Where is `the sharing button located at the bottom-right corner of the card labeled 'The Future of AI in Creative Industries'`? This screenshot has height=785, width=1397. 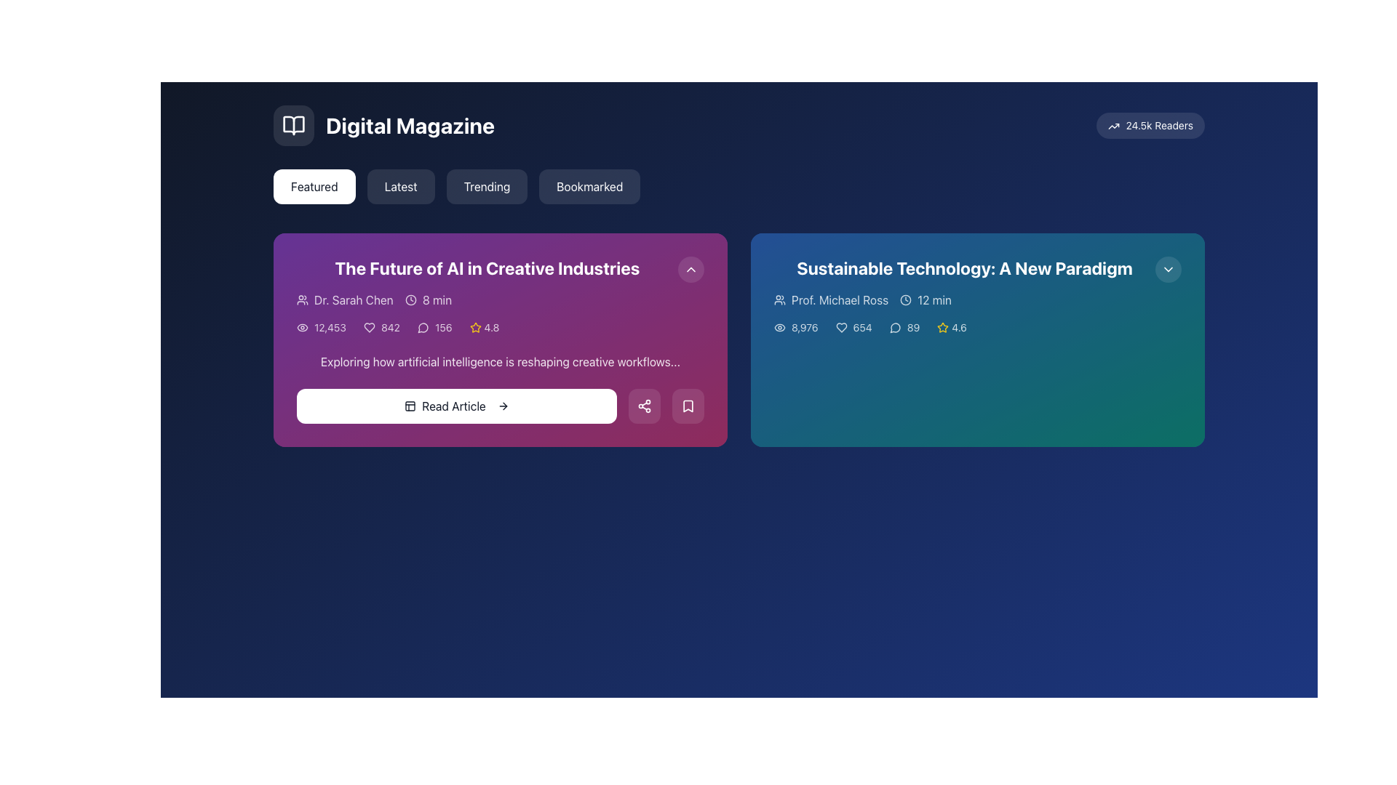 the sharing button located at the bottom-right corner of the card labeled 'The Future of AI in Creative Industries' is located at coordinates (644, 406).